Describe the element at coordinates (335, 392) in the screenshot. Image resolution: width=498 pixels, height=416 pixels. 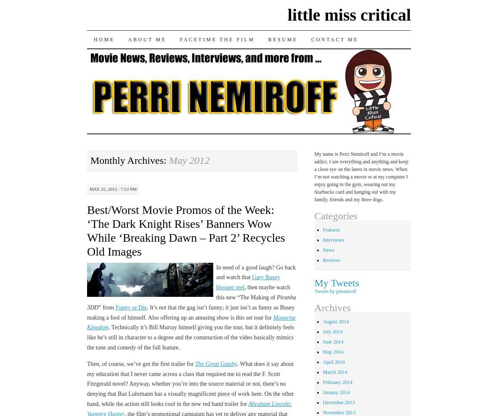
I see `'January 2014'` at that location.